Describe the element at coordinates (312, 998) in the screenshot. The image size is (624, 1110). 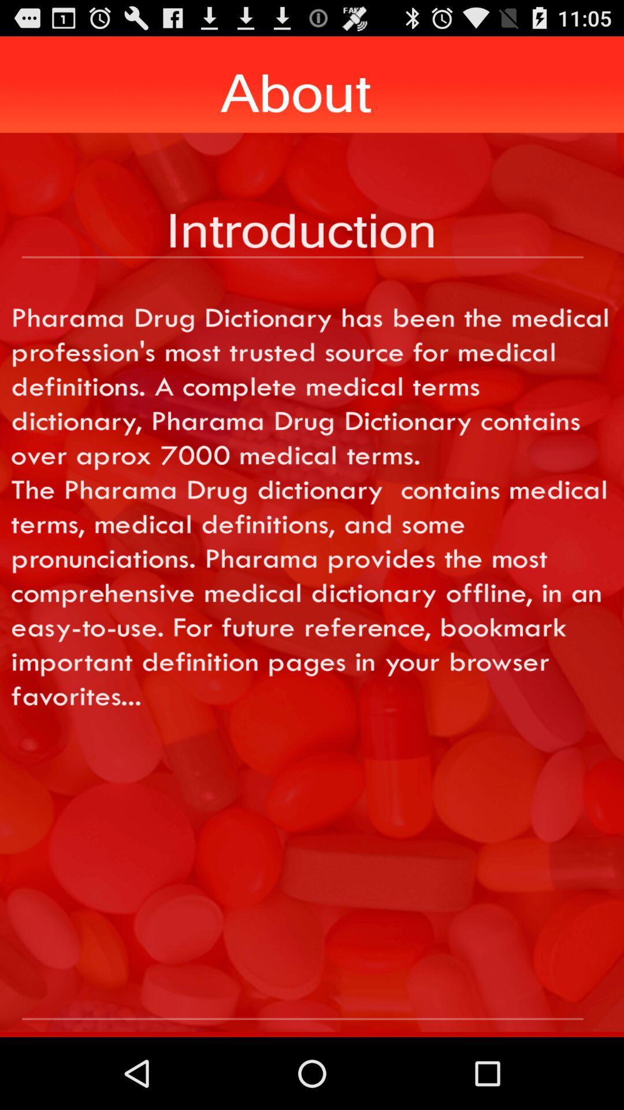
I see `about option` at that location.